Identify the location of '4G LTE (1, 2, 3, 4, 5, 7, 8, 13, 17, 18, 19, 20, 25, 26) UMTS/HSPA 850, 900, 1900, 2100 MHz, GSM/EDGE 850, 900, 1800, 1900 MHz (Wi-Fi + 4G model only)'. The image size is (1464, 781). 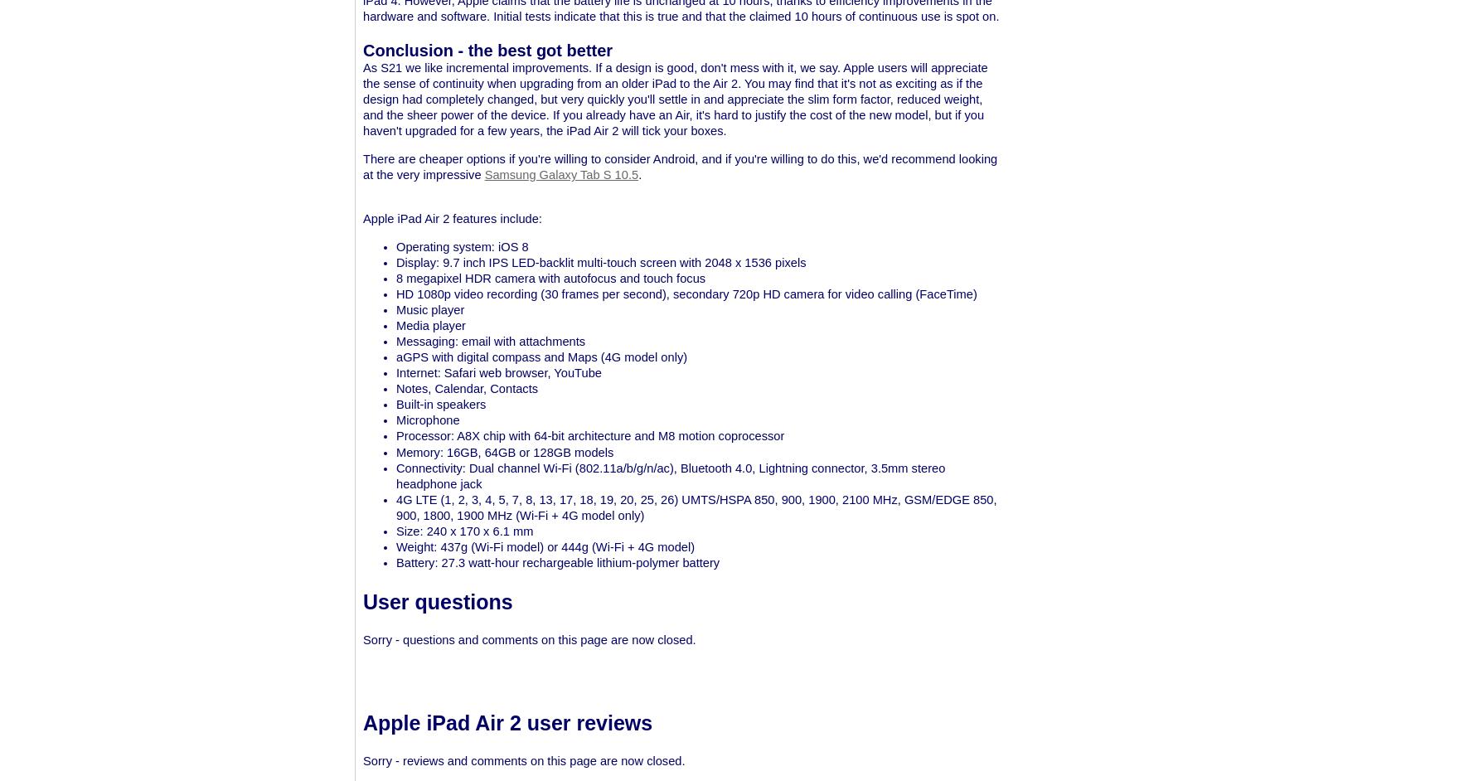
(696, 507).